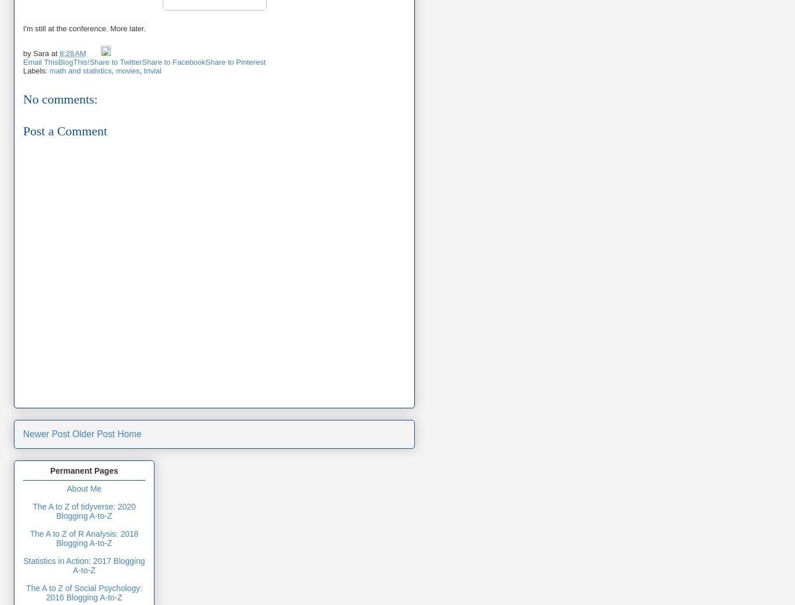 Image resolution: width=795 pixels, height=605 pixels. What do you see at coordinates (172, 61) in the screenshot?
I see `'Share to Facebook'` at bounding box center [172, 61].